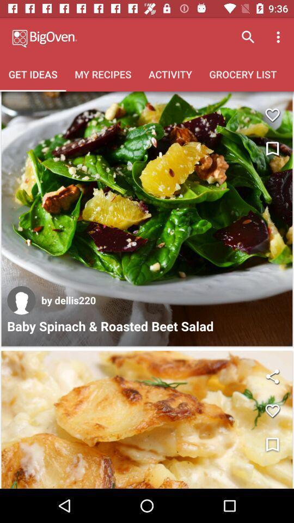 This screenshot has width=294, height=523. Describe the element at coordinates (21, 300) in the screenshot. I see `icon above baby spinach roasted icon` at that location.